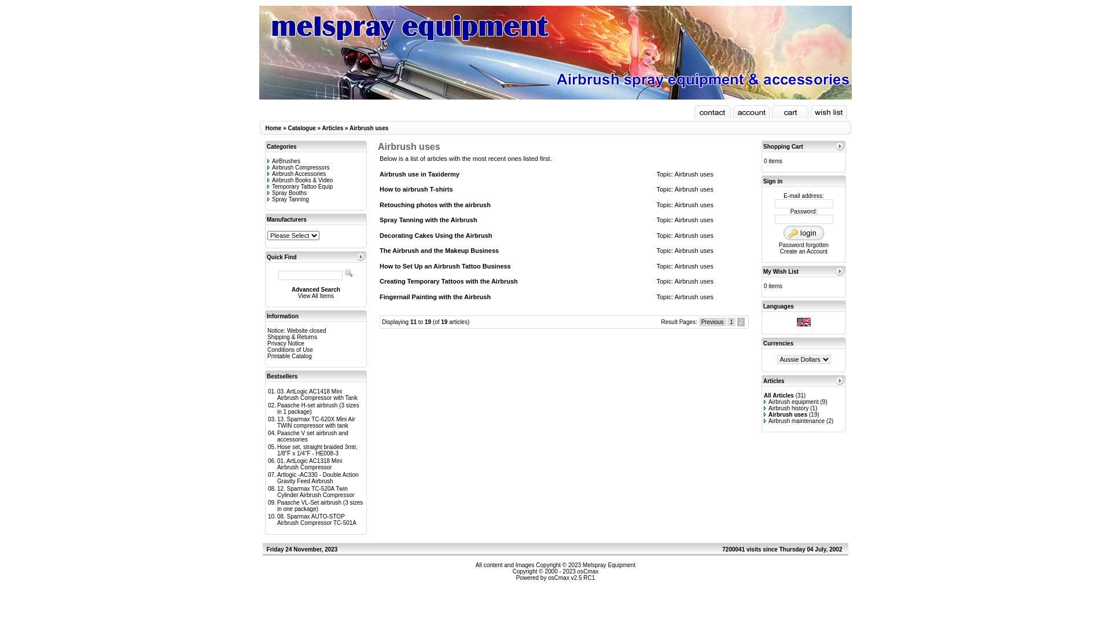 The height and width of the screenshot is (625, 1111). I want to click on 'Printable Catalog', so click(289, 355).